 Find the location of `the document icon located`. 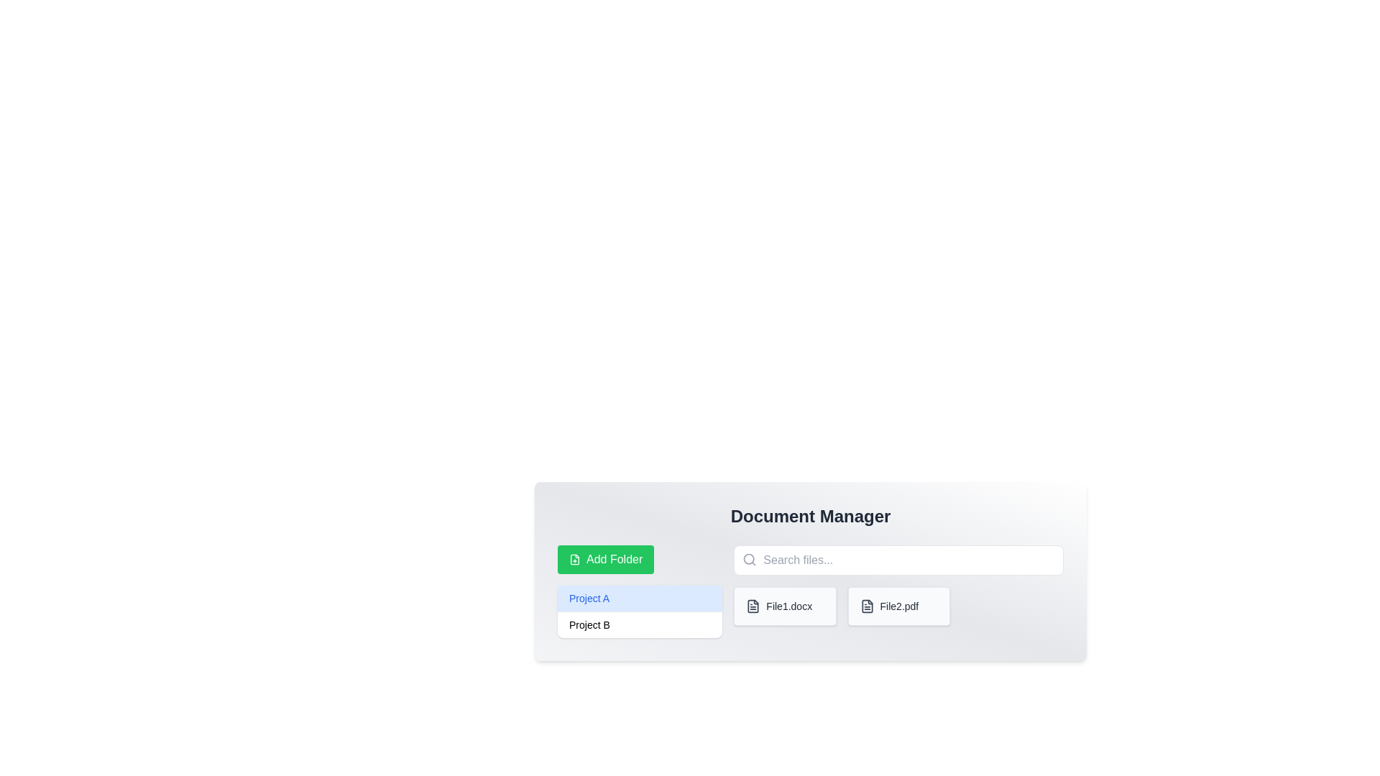

the document icon located is located at coordinates (752, 606).